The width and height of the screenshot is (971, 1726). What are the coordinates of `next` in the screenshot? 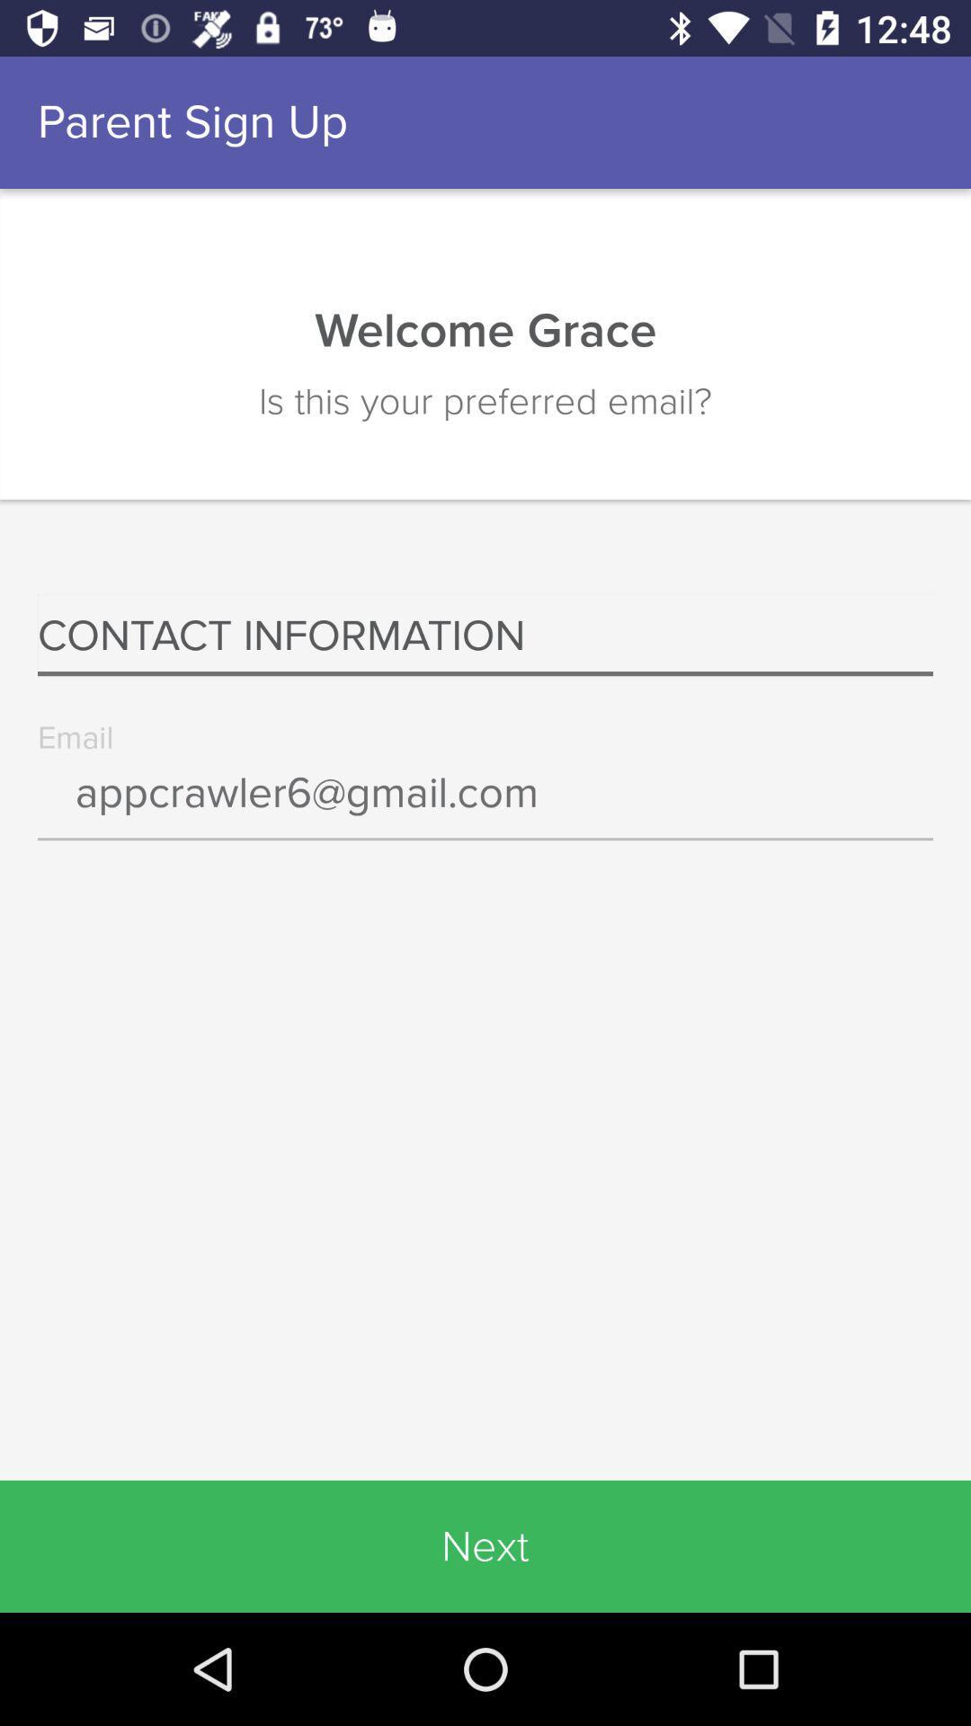 It's located at (485, 1545).